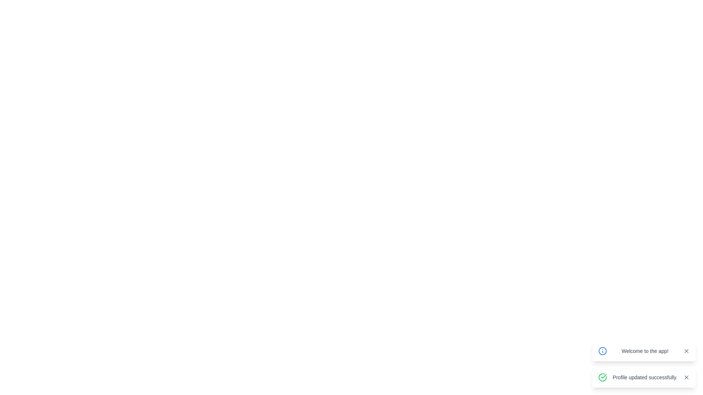  Describe the element at coordinates (602, 351) in the screenshot. I see `the circular information icon with a blue border located in the notification box at the top right corner, next to the text 'Welcome to the app!'` at that location.